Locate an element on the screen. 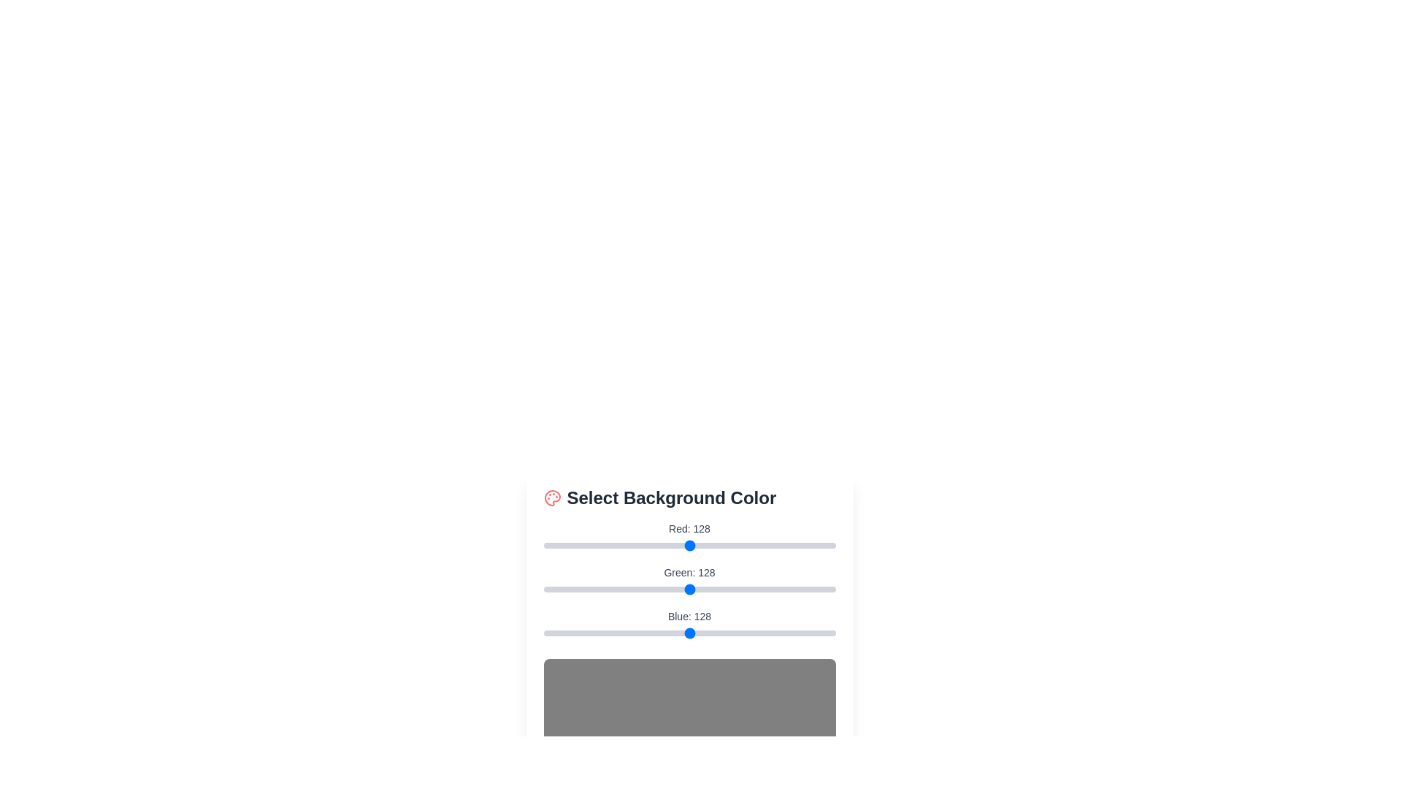 The height and width of the screenshot is (789, 1402). the blue color slider to 53 by dragging the slider is located at coordinates (604, 633).